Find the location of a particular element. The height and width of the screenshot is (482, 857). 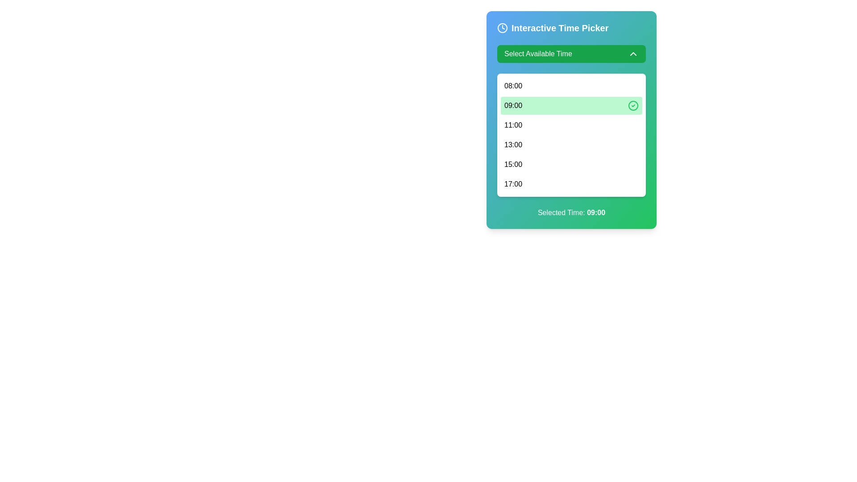

the fourth time slot labeled '13:00' in the dropdown time picker is located at coordinates (571, 144).